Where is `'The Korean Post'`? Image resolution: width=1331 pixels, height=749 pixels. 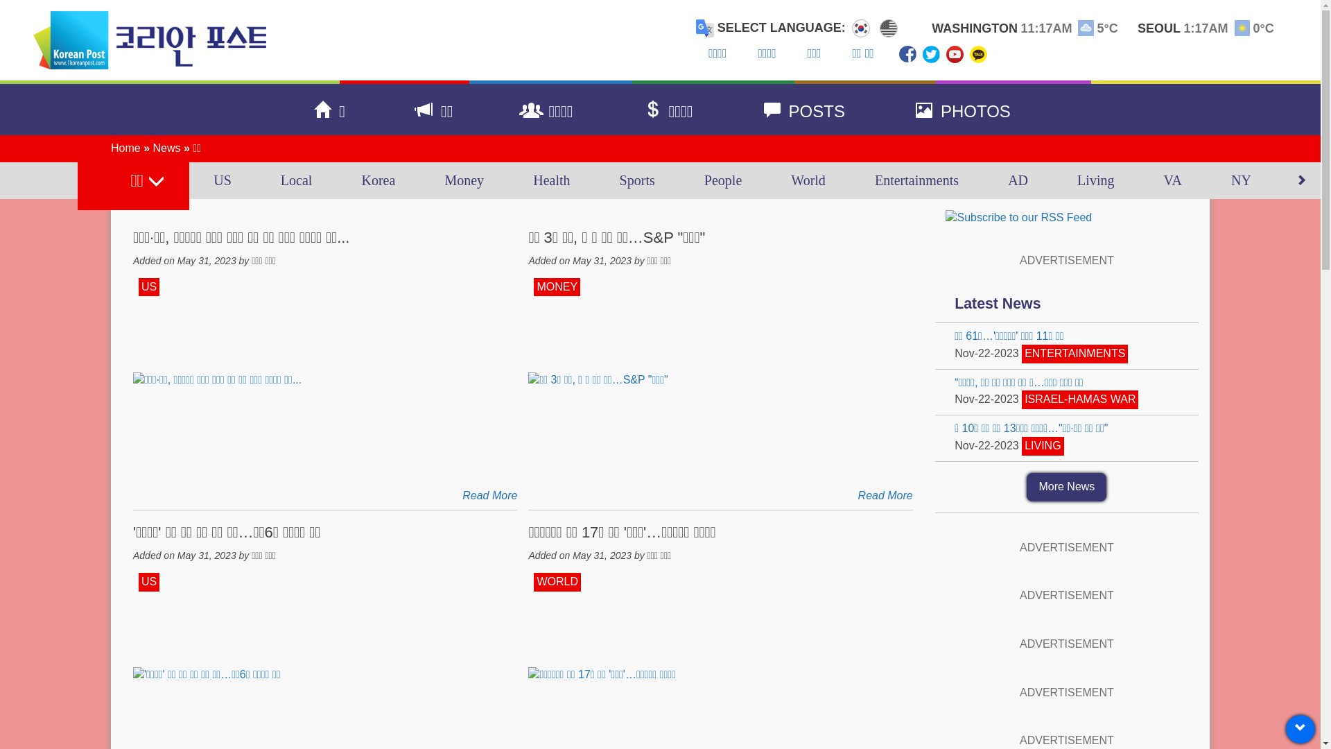
'The Korean Post' is located at coordinates (153, 39).